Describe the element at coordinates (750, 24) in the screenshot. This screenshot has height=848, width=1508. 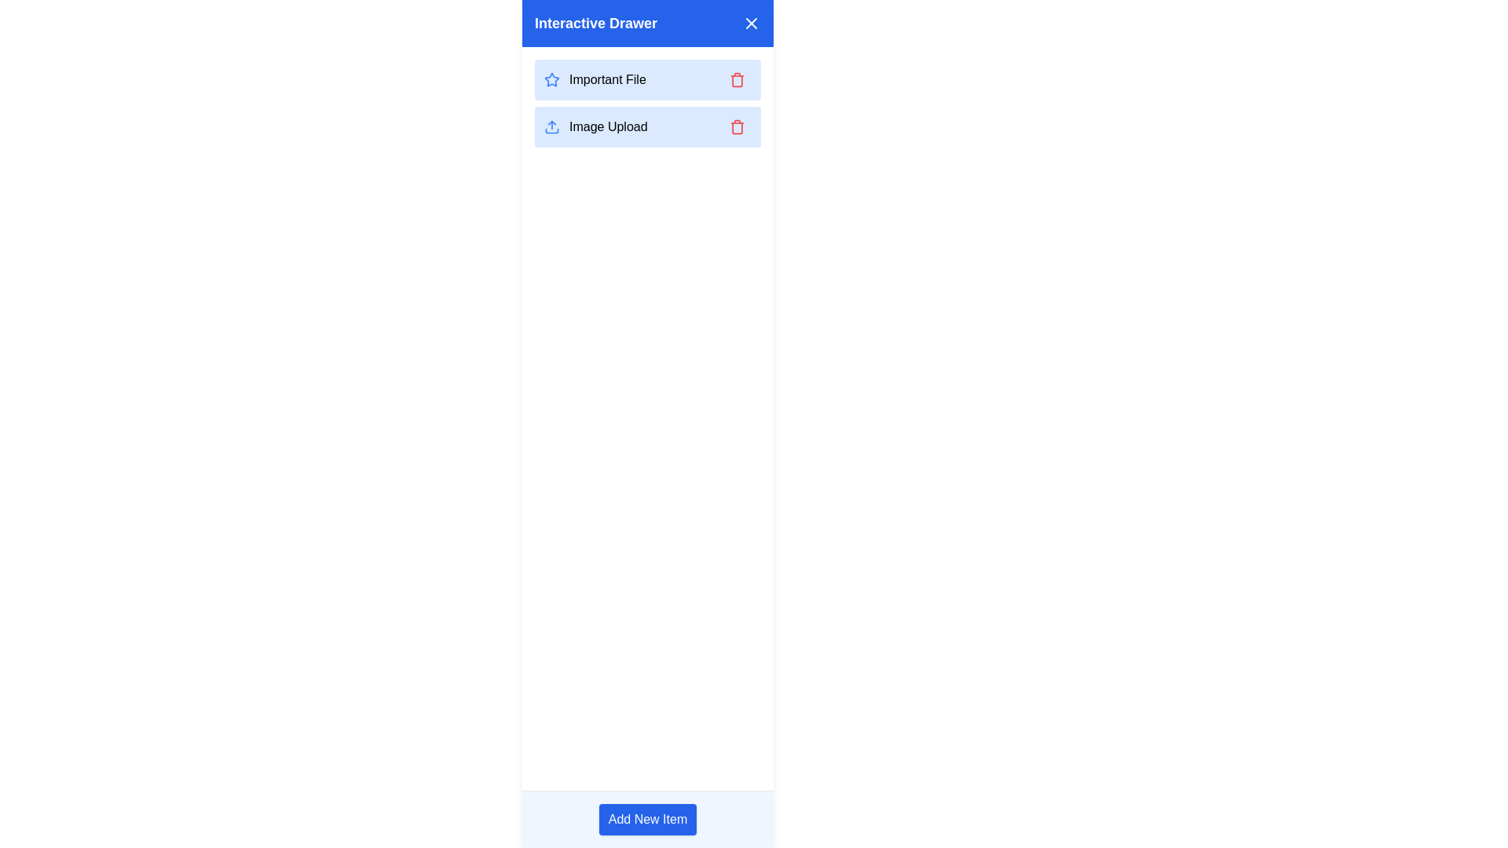
I see `the close icon located at the top-right corner of the interface, adjacent to the 'Interactive Drawer' label` at that location.